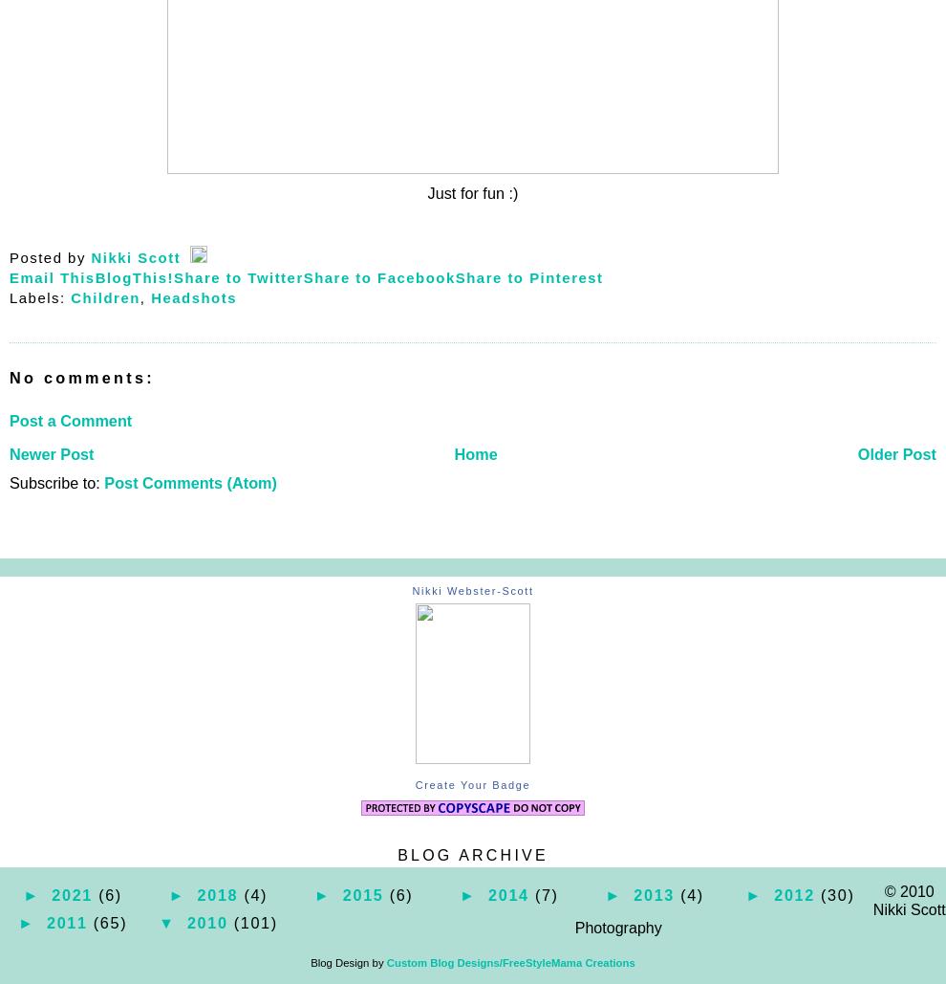 This screenshot has height=984, width=946. I want to click on 'Blog Archive', so click(472, 855).